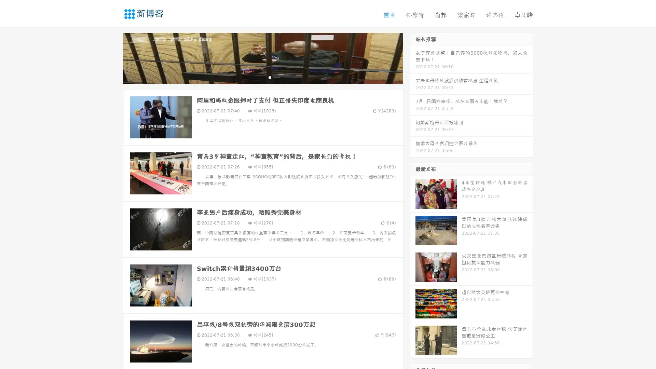 Image resolution: width=656 pixels, height=369 pixels. What do you see at coordinates (113, 57) in the screenshot?
I see `Previous slide` at bounding box center [113, 57].